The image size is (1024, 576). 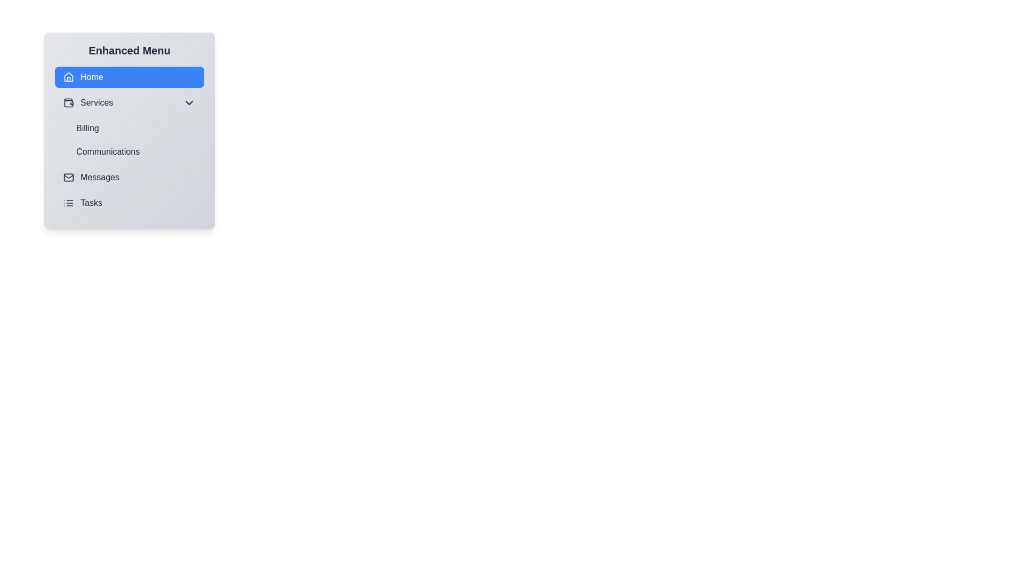 What do you see at coordinates (129, 130) in the screenshot?
I see `the 'Enhanced Menu'` at bounding box center [129, 130].